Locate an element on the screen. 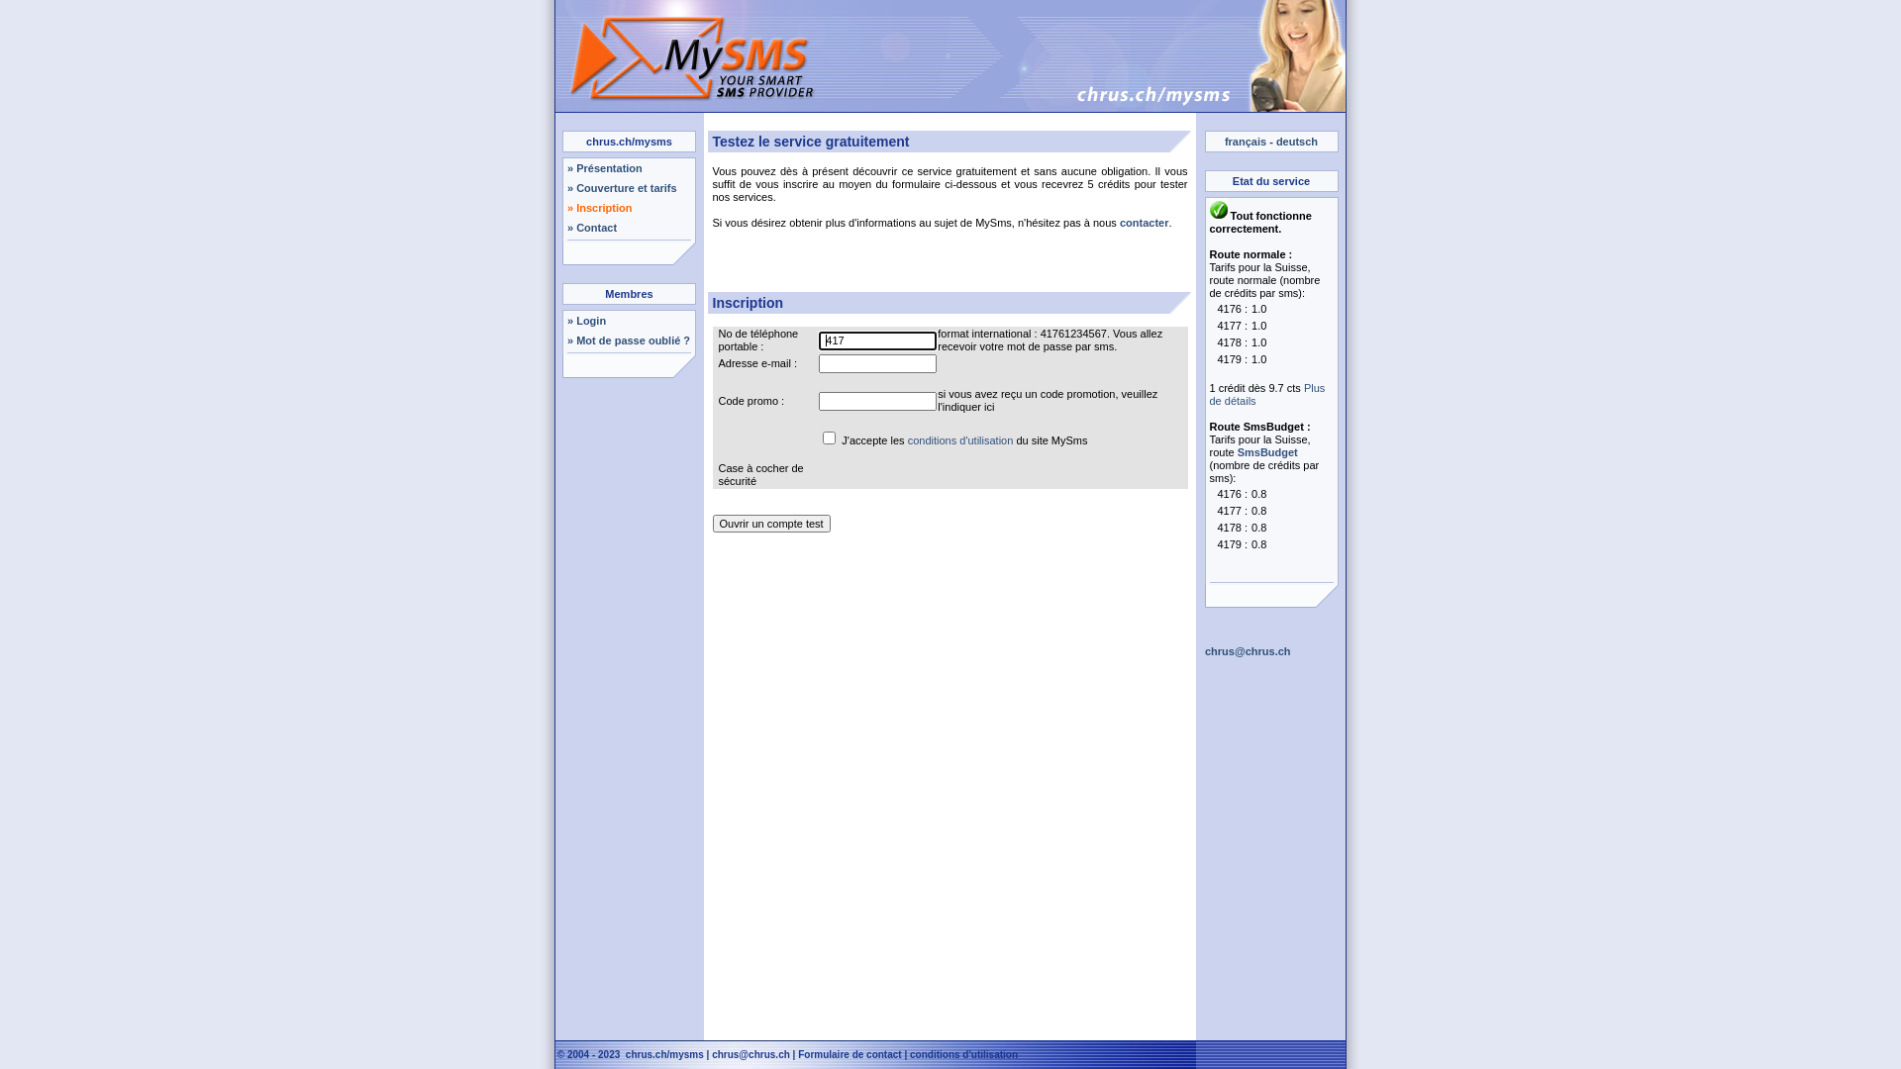 This screenshot has width=1901, height=1069. 'Ouvrir un compte test' is located at coordinates (770, 522).